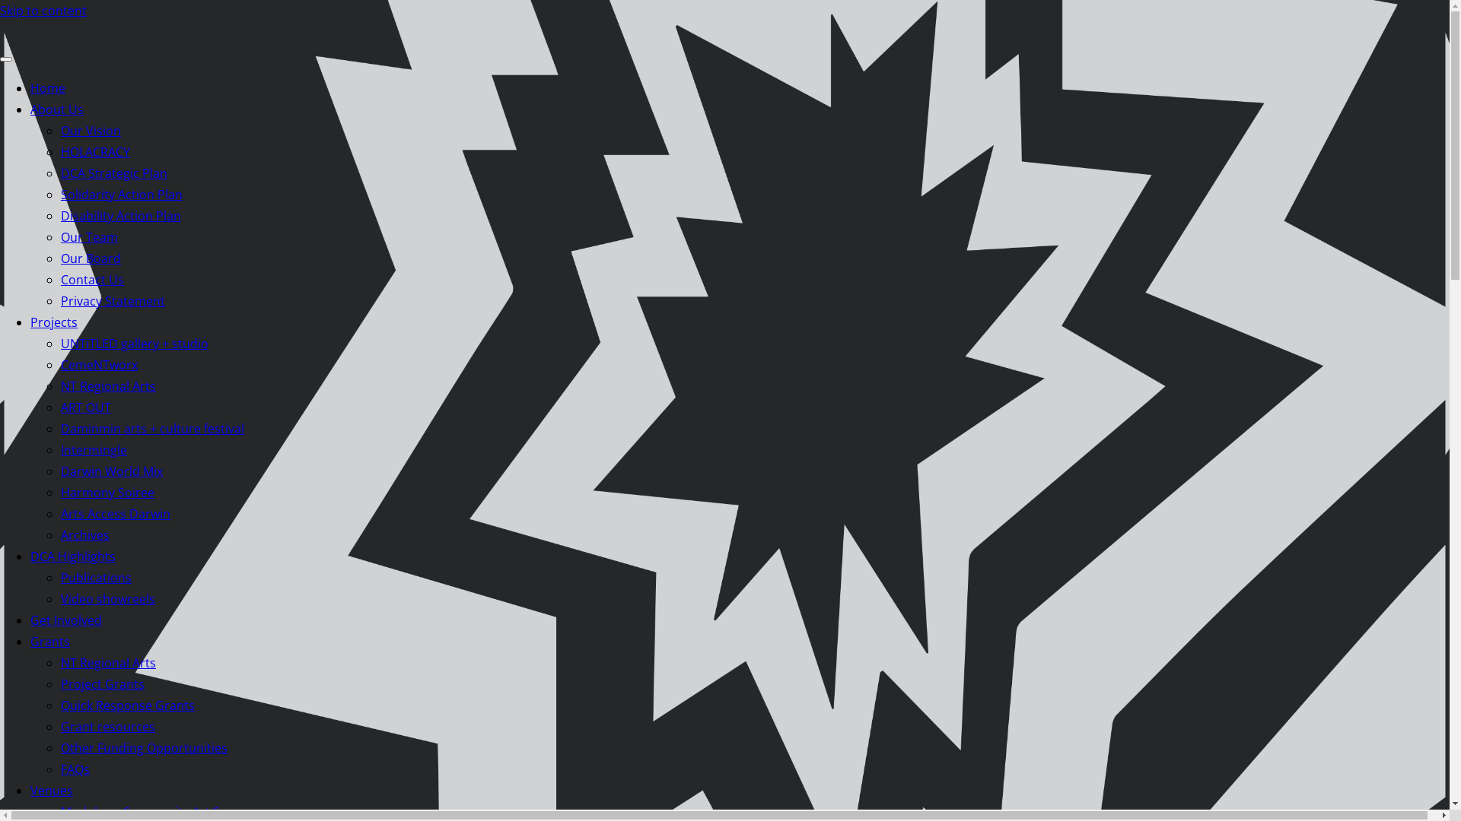 The width and height of the screenshot is (1461, 821). What do you see at coordinates (47, 87) in the screenshot?
I see `'Home'` at bounding box center [47, 87].